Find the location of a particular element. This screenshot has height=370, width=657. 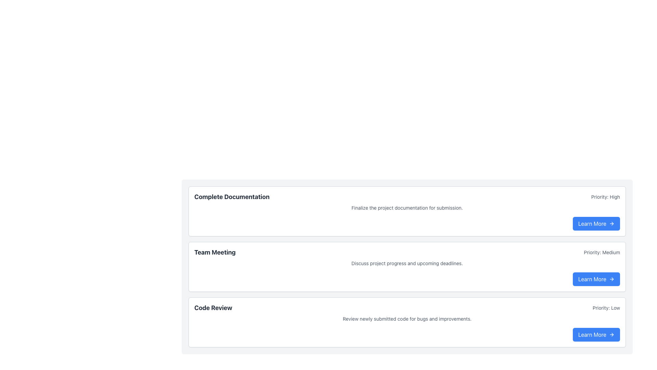

the bold text label reading 'Code Review' which is located in the bottommost card of a vertical list of task cards, aligned to the left is located at coordinates (213, 307).